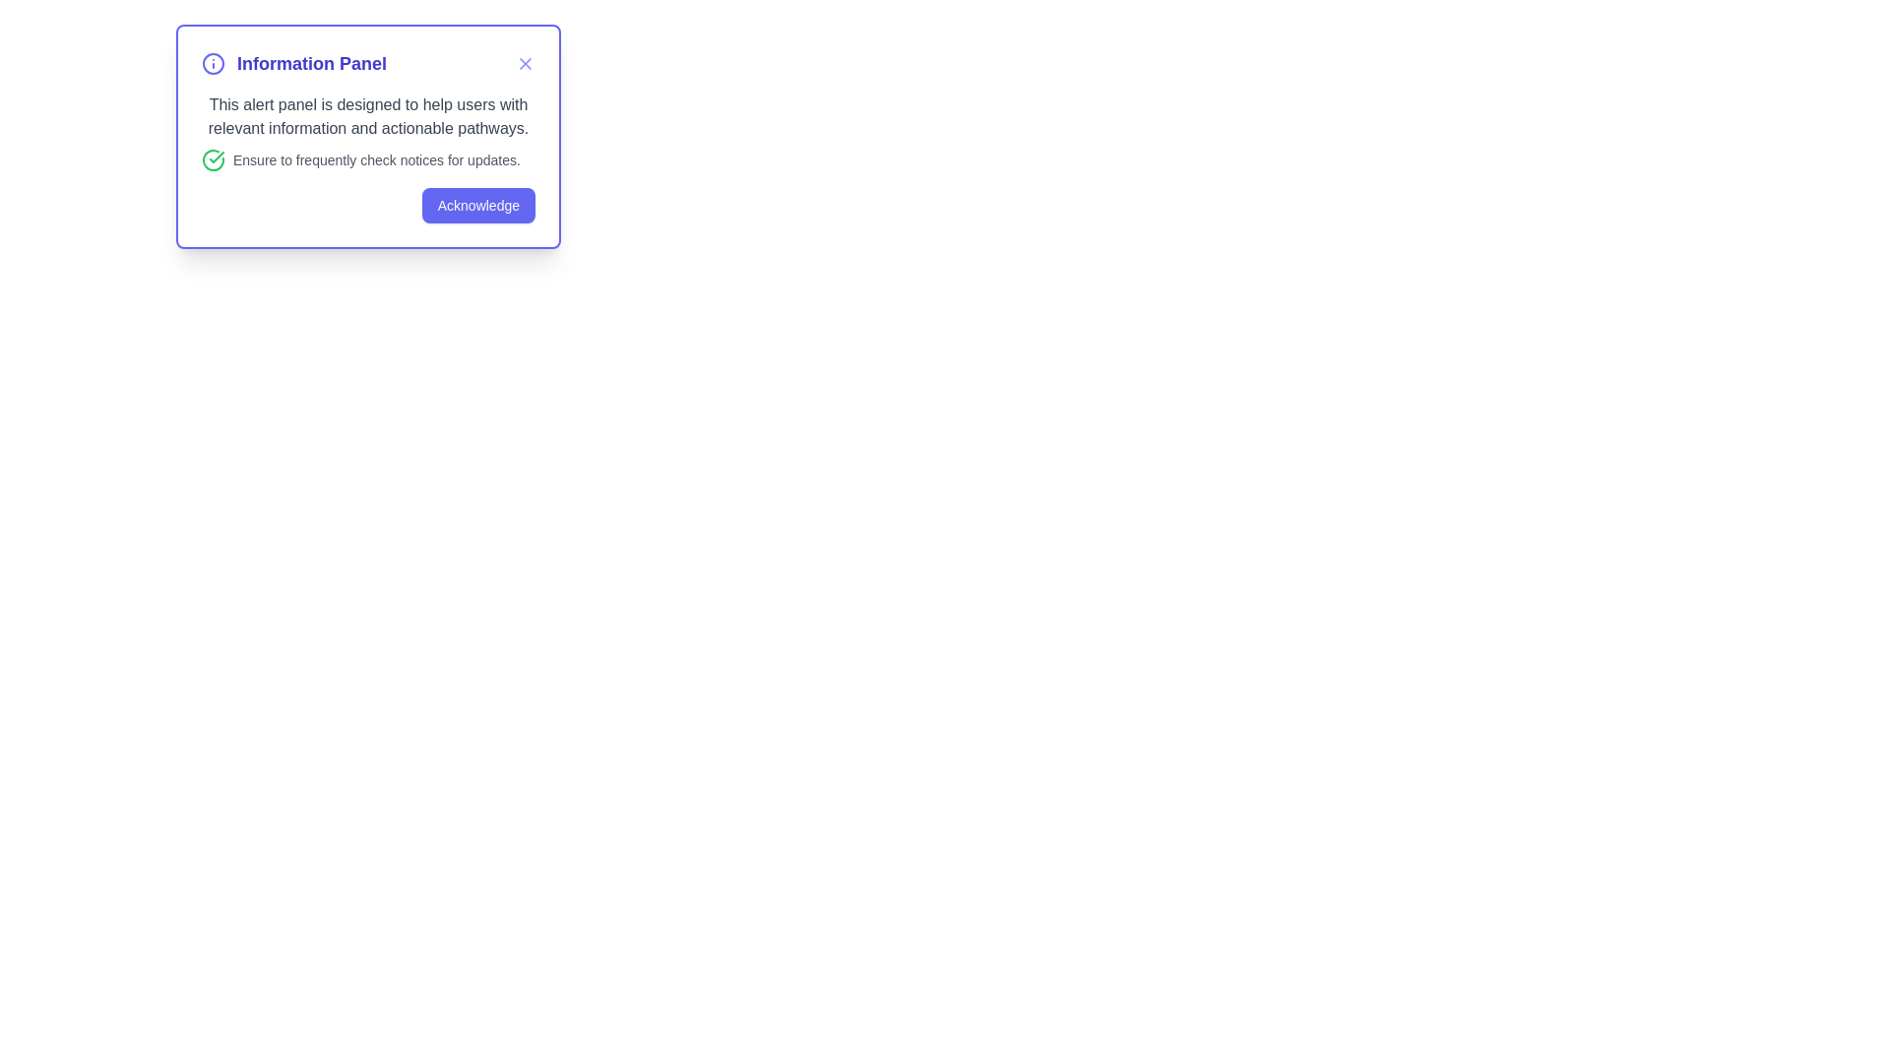 This screenshot has height=1063, width=1890. I want to click on the Banner with title and icon at the top center of the dialog box for tooltip details, so click(292, 63).